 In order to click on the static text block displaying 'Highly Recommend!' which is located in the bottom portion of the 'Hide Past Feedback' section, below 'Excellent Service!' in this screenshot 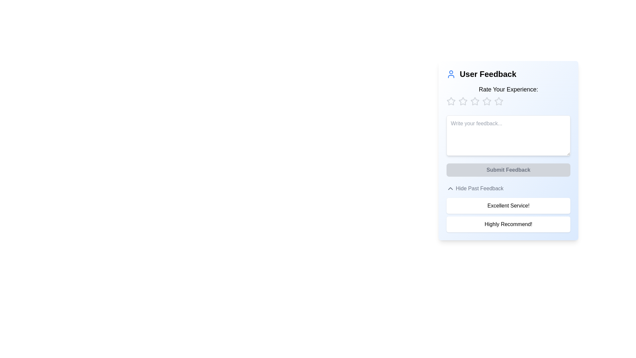, I will do `click(508, 224)`.